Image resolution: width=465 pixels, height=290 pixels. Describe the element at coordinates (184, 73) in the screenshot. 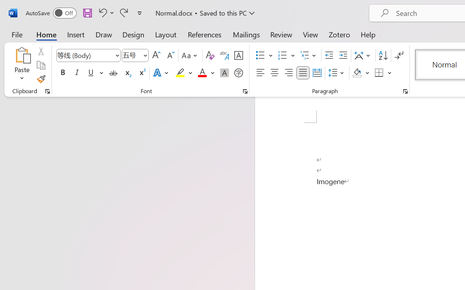

I see `'Text Highlight Color'` at that location.